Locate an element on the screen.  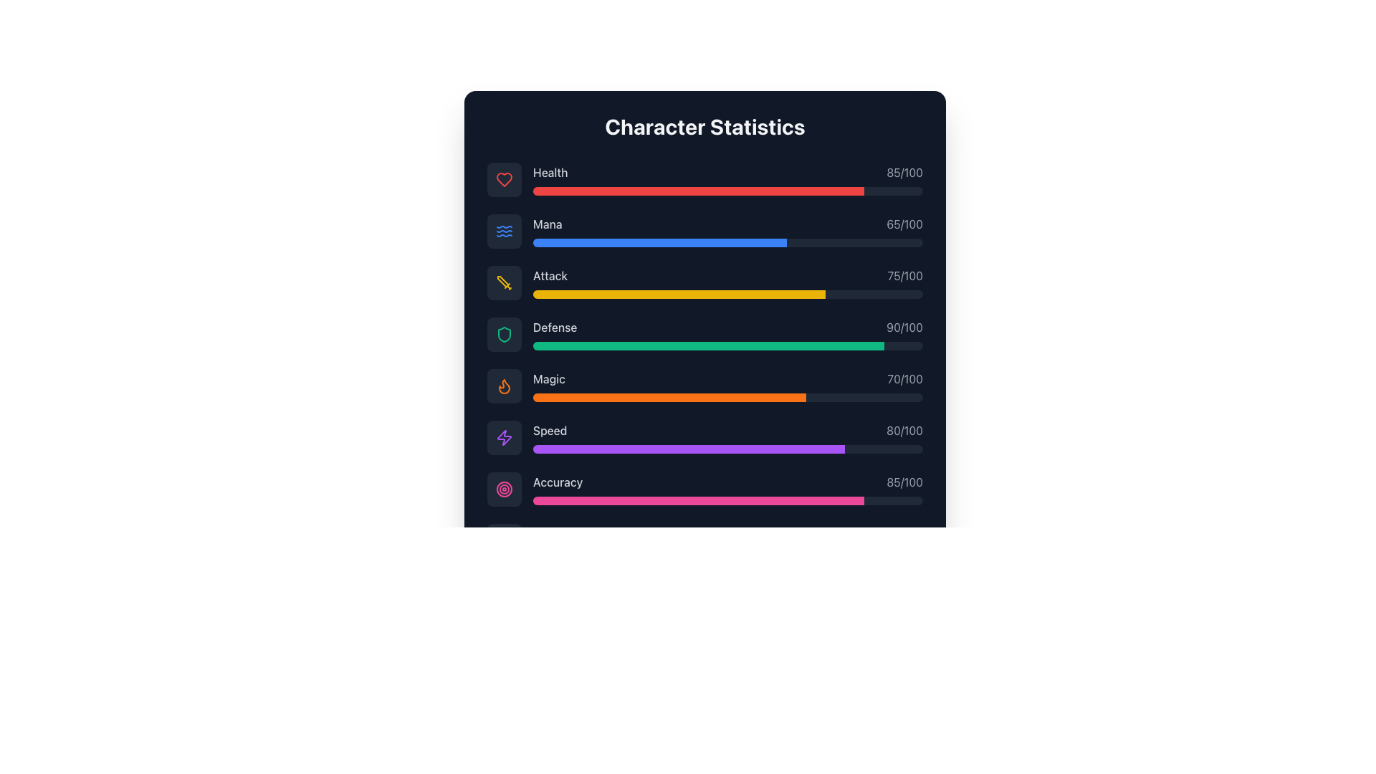
the visual representation of the filled area of the progress bar located next to the 'Accuracy' label in the 'Character Statistics' section is located at coordinates (699, 500).